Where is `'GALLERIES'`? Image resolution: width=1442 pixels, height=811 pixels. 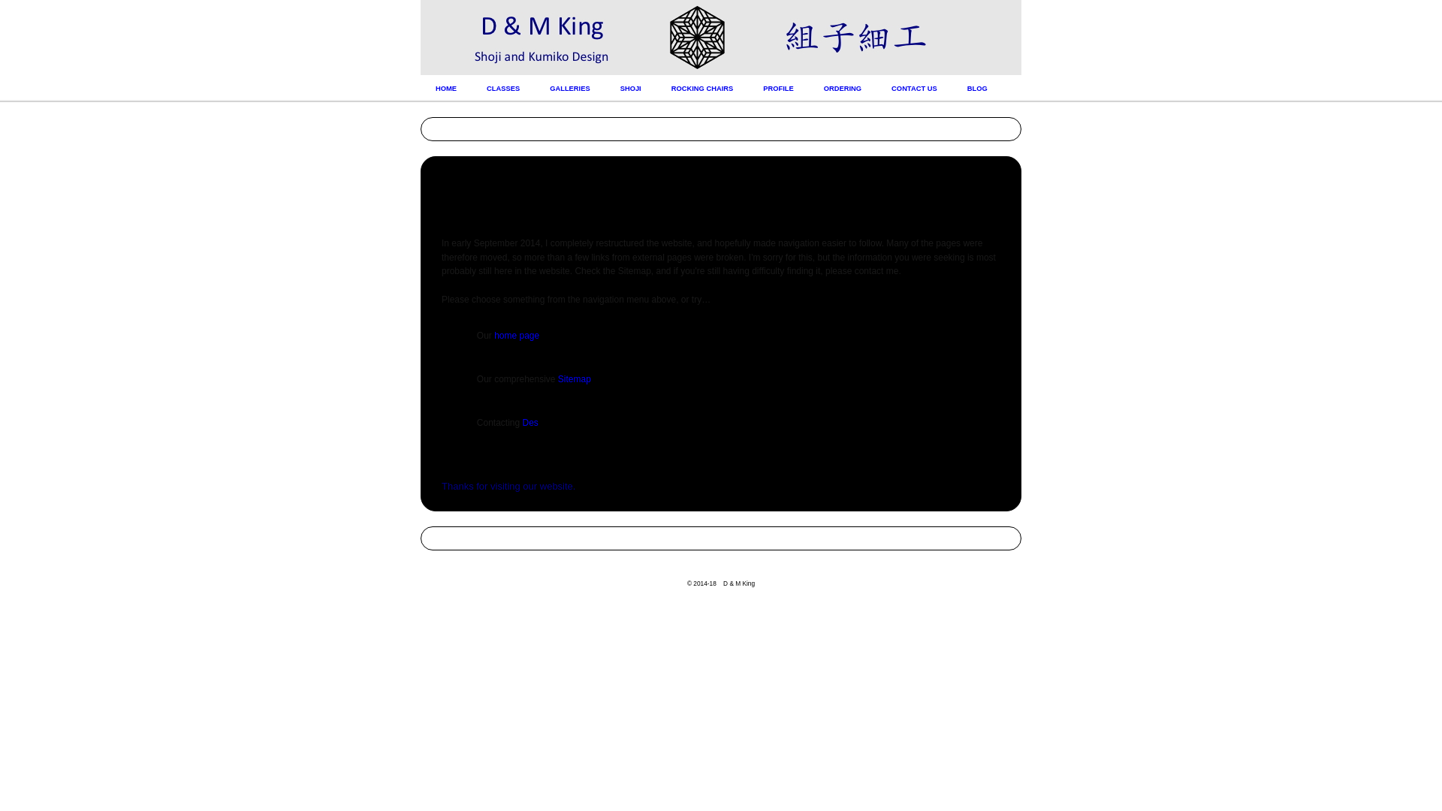 'GALLERIES' is located at coordinates (569, 89).